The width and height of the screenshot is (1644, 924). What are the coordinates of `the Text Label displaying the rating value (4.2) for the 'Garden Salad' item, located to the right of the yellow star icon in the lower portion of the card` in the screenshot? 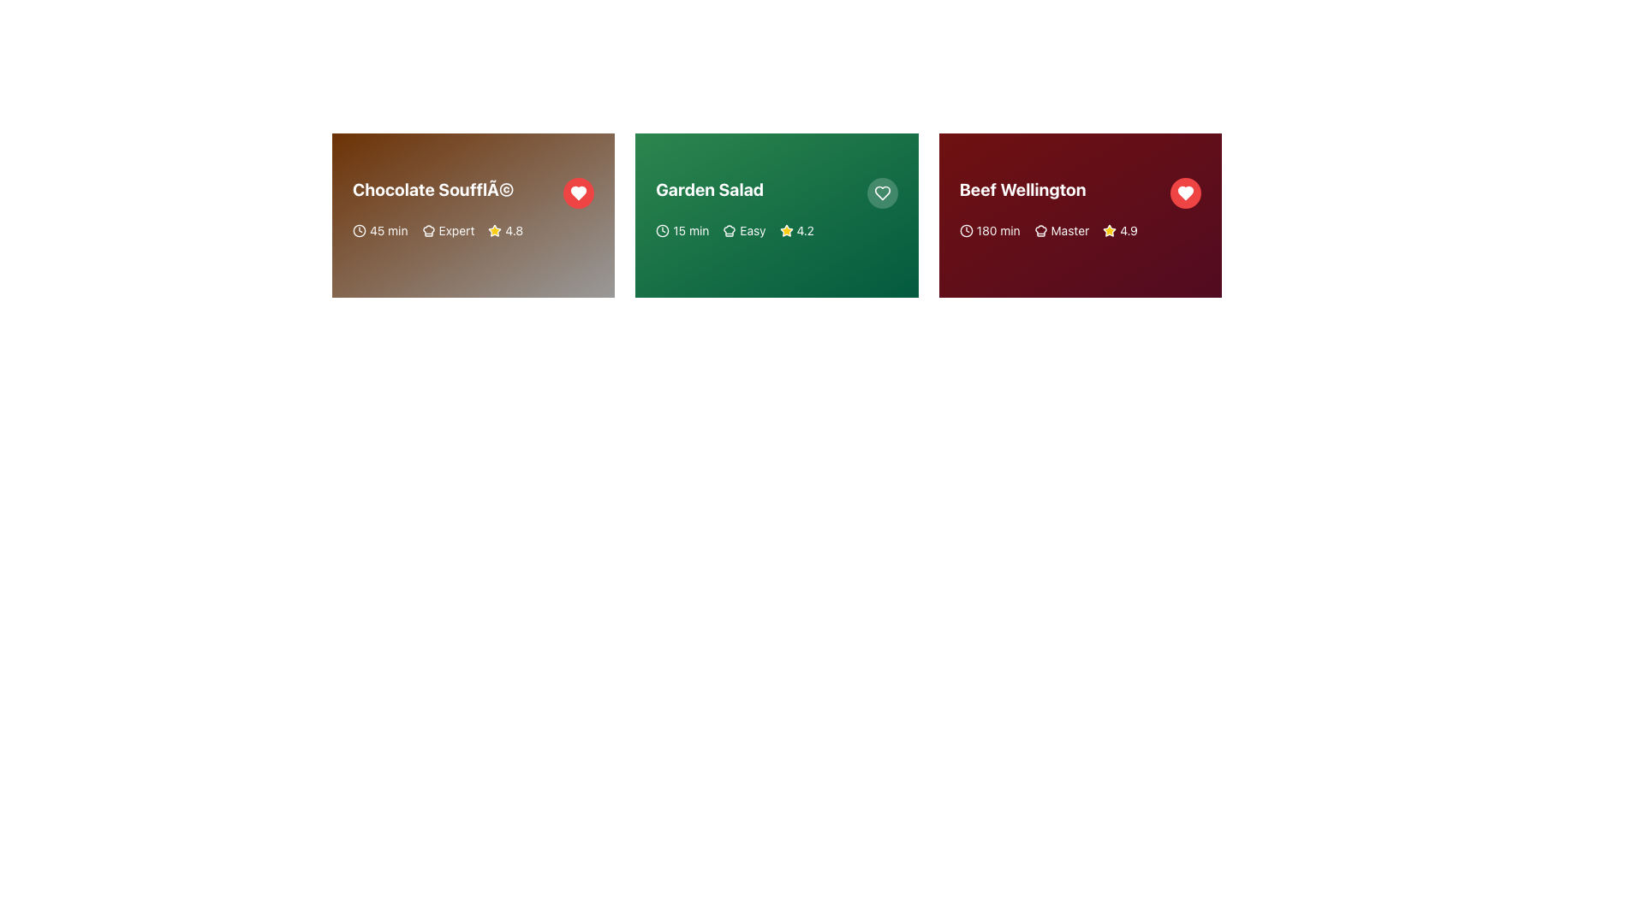 It's located at (804, 231).